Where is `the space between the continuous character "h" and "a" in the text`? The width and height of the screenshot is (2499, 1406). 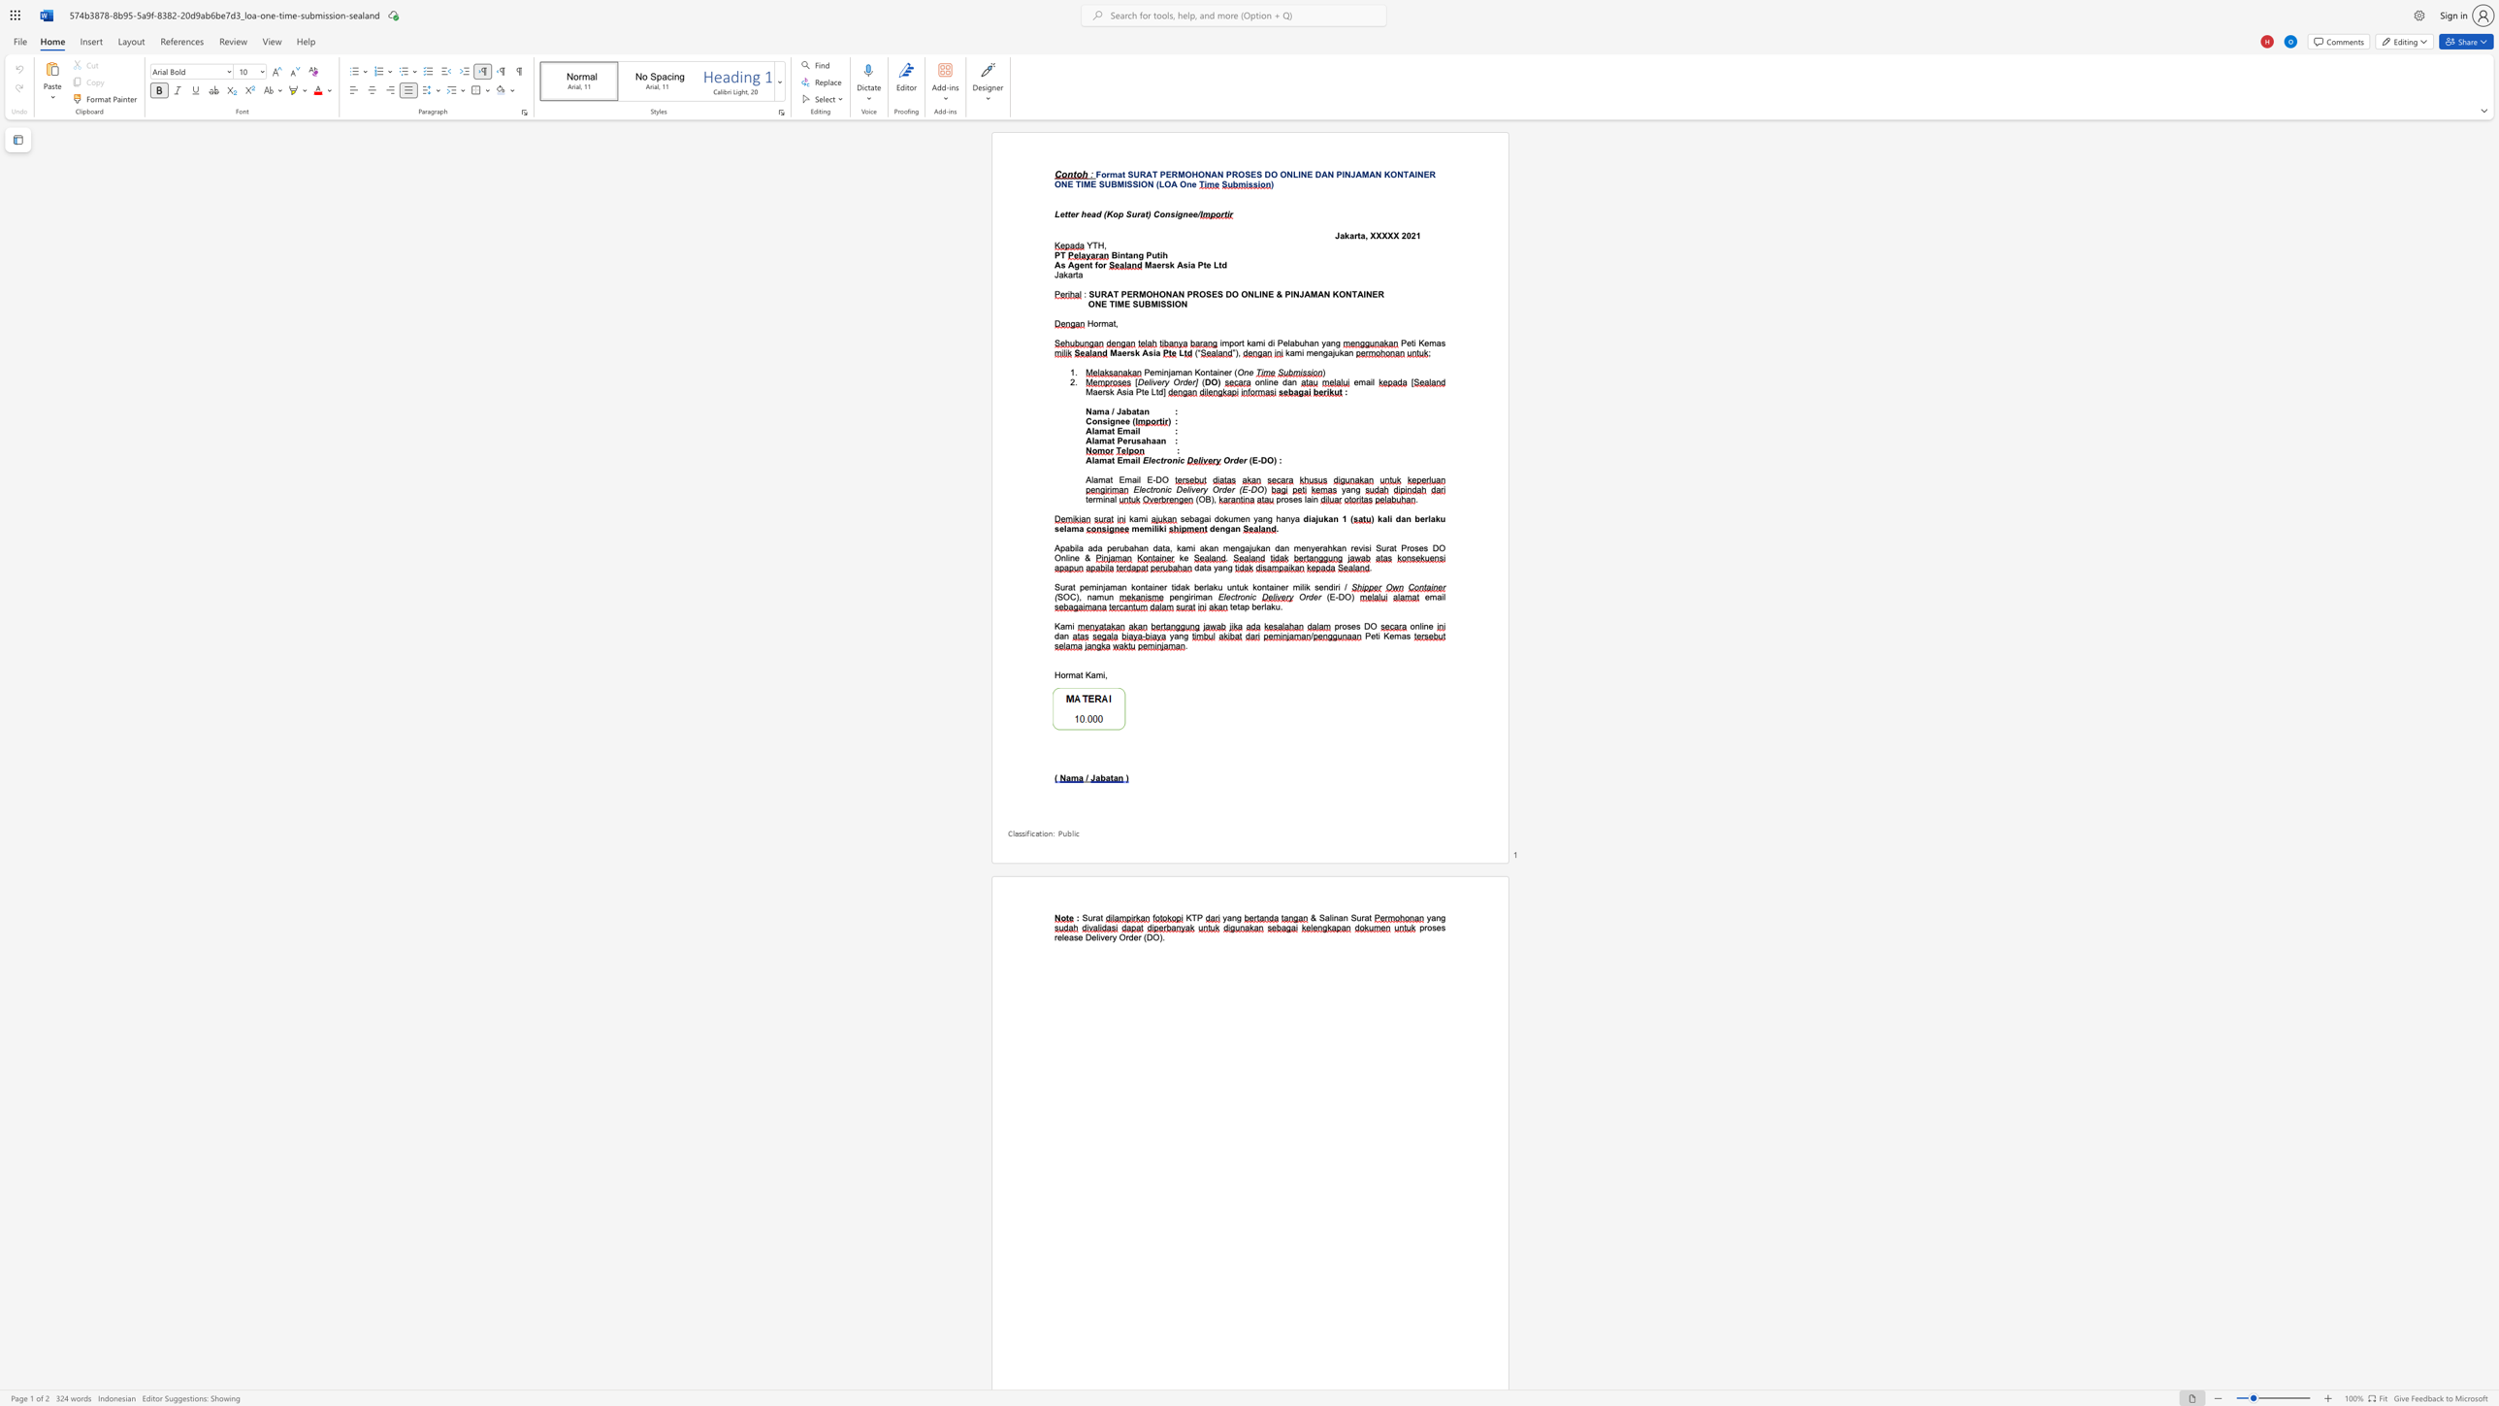 the space between the continuous character "h" and "a" in the text is located at coordinates (1309, 343).